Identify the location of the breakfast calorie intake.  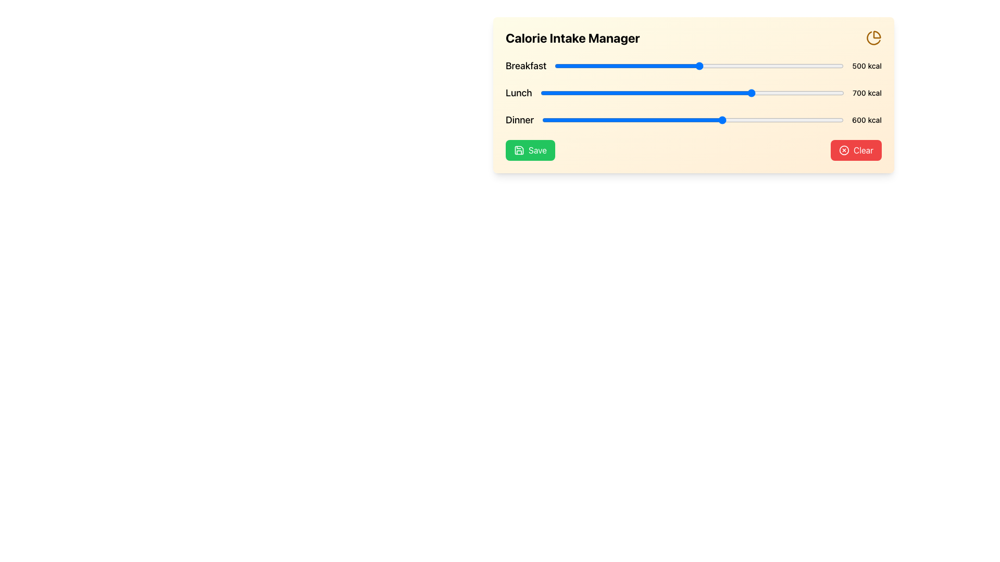
(692, 66).